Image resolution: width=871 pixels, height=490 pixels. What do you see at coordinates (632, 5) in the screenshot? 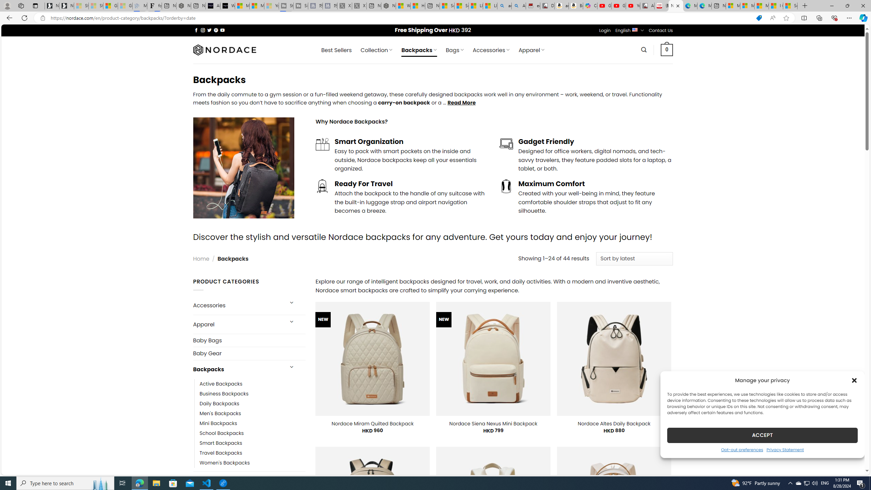
I see `'YouTube Kids - An App Created for Kids to Explore Content'` at bounding box center [632, 5].